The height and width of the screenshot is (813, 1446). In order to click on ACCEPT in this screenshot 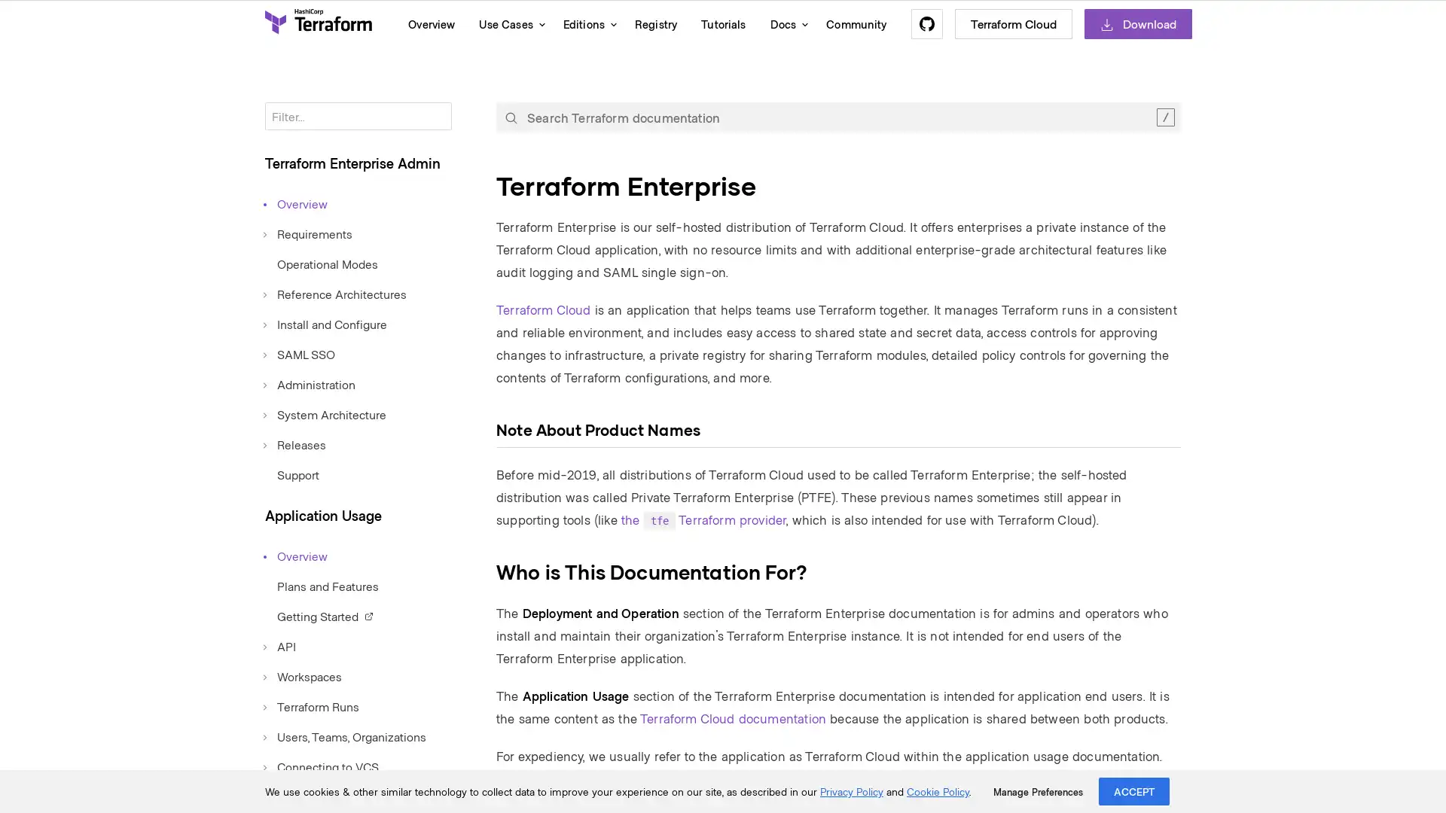, I will do `click(1134, 790)`.